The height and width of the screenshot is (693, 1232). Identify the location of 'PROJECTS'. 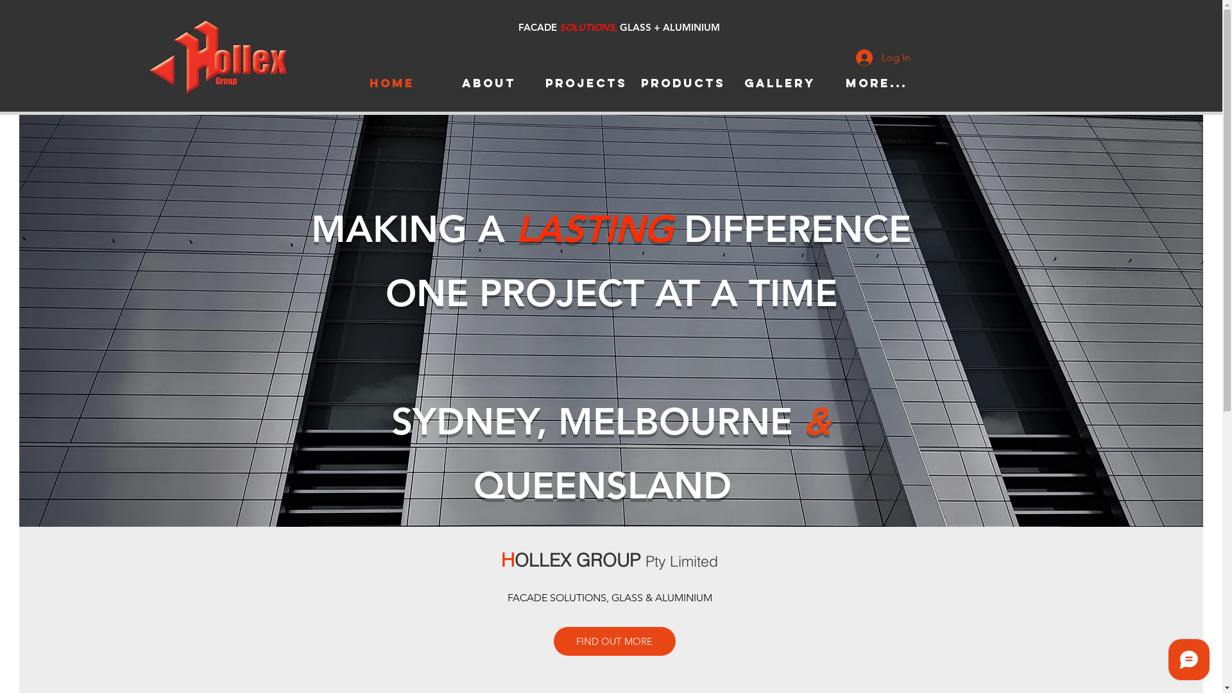
(585, 83).